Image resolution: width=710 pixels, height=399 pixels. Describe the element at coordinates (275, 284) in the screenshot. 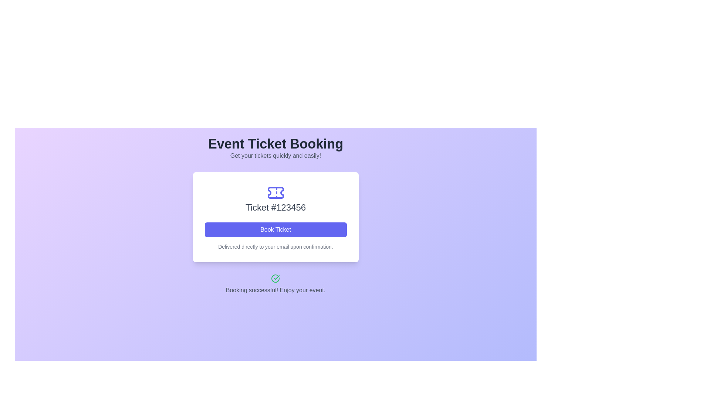

I see `the informational text block that displays 'Booking successful! Enjoy your event.' with a green checkmark icon` at that location.